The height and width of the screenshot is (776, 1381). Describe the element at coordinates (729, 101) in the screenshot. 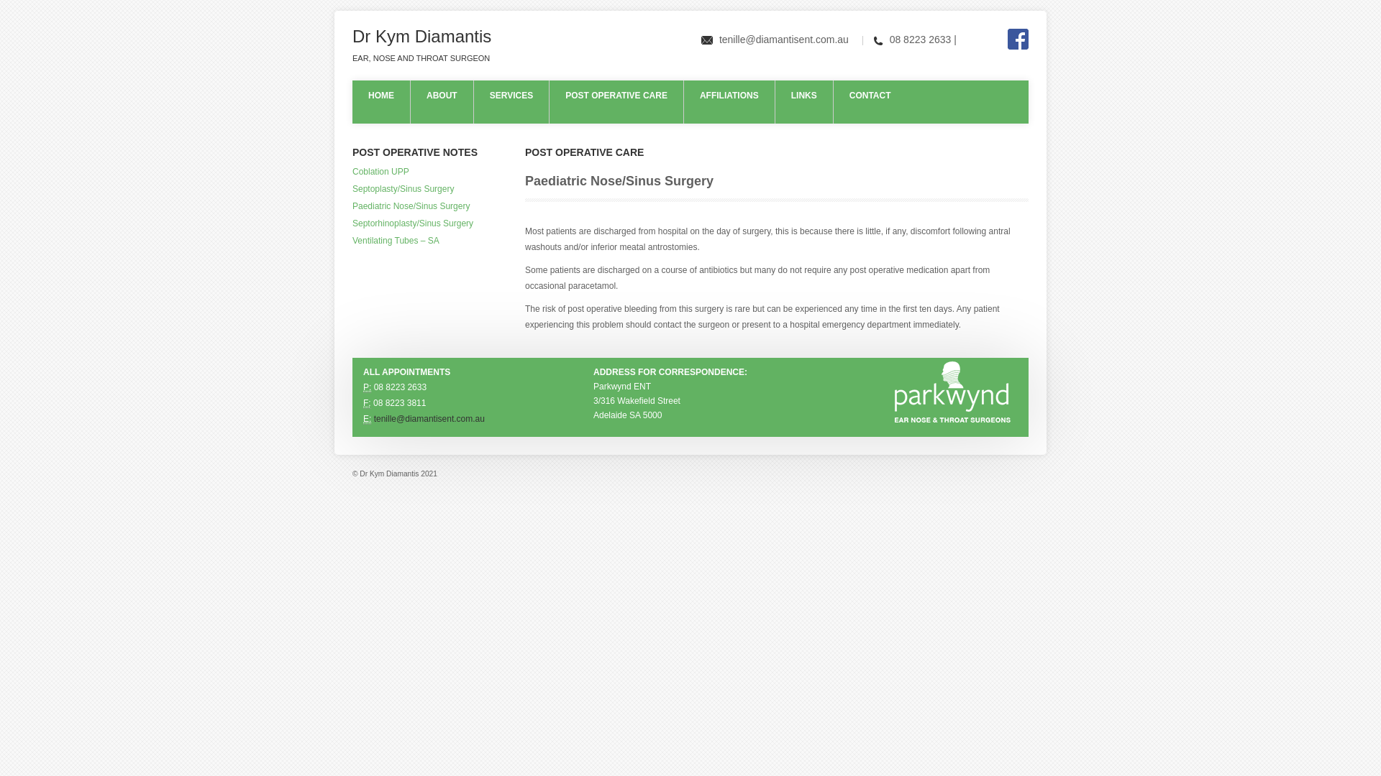

I see `'AFFILIATIONS'` at that location.